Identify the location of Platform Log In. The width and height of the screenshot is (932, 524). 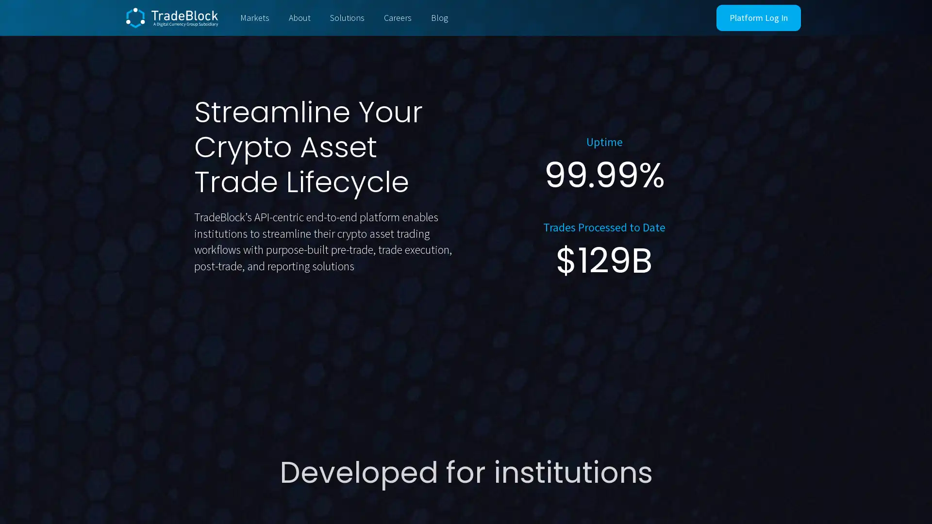
(758, 18).